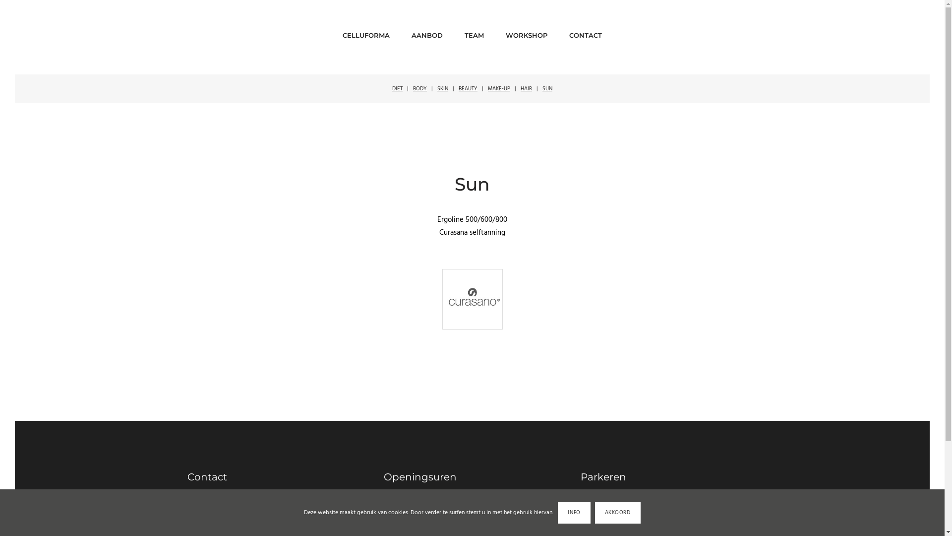 The height and width of the screenshot is (536, 952). What do you see at coordinates (427, 32) in the screenshot?
I see `'AANBOD'` at bounding box center [427, 32].